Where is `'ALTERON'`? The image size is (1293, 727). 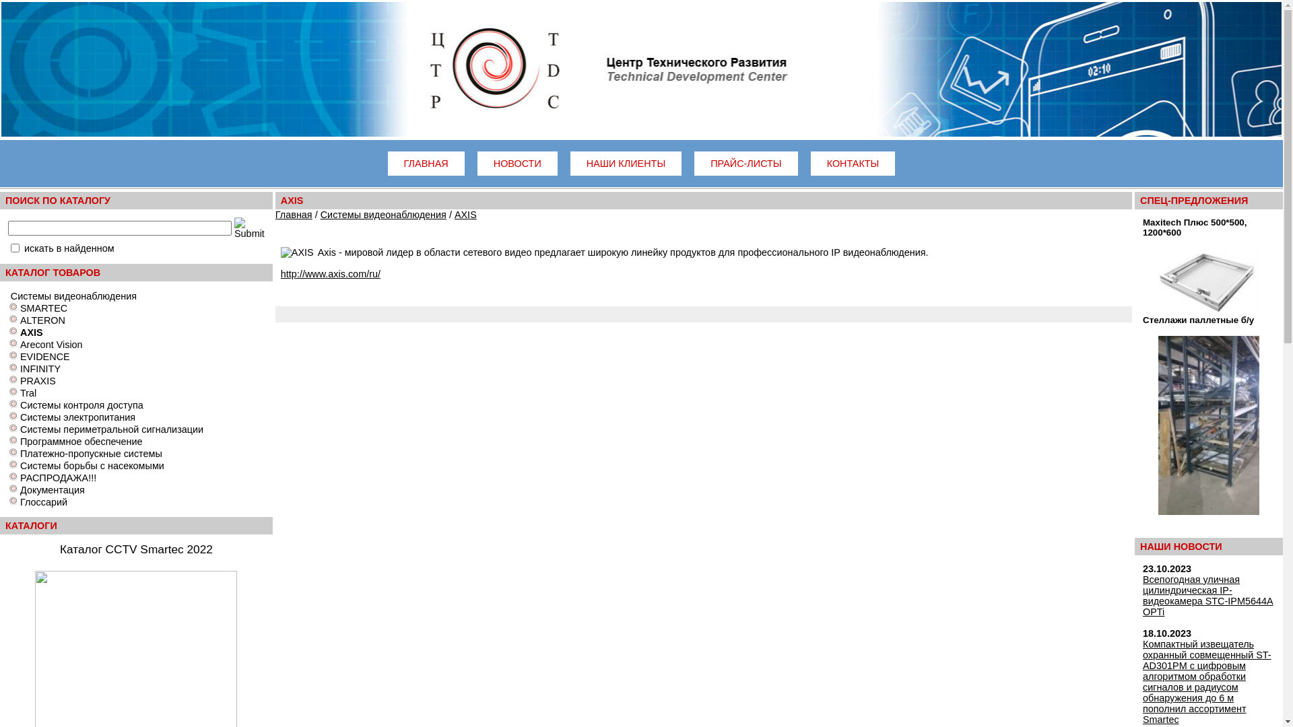
'ALTERON' is located at coordinates (20, 320).